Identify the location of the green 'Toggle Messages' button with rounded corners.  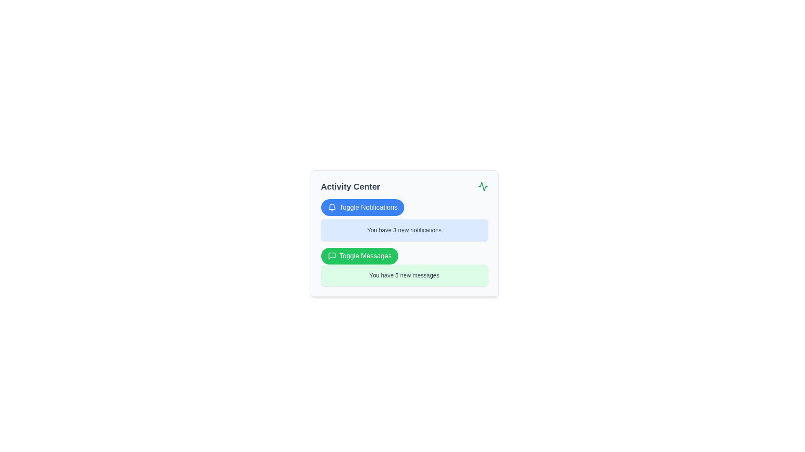
(359, 256).